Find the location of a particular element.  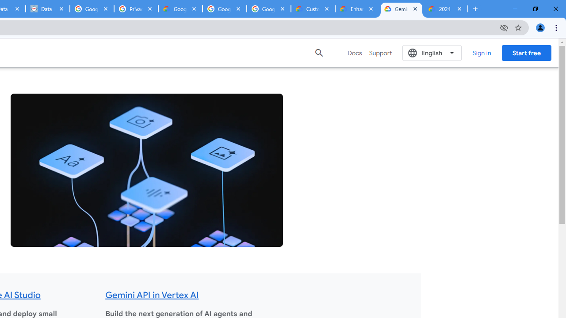

'Data Privacy Framework' is located at coordinates (47, 9).